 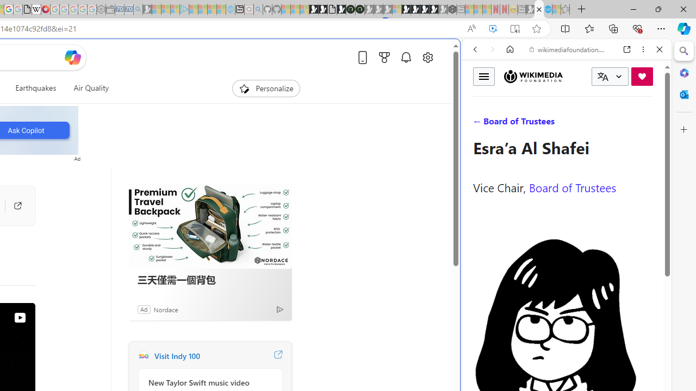 I want to click on 'Favorites - Sleeping', so click(x=565, y=9).